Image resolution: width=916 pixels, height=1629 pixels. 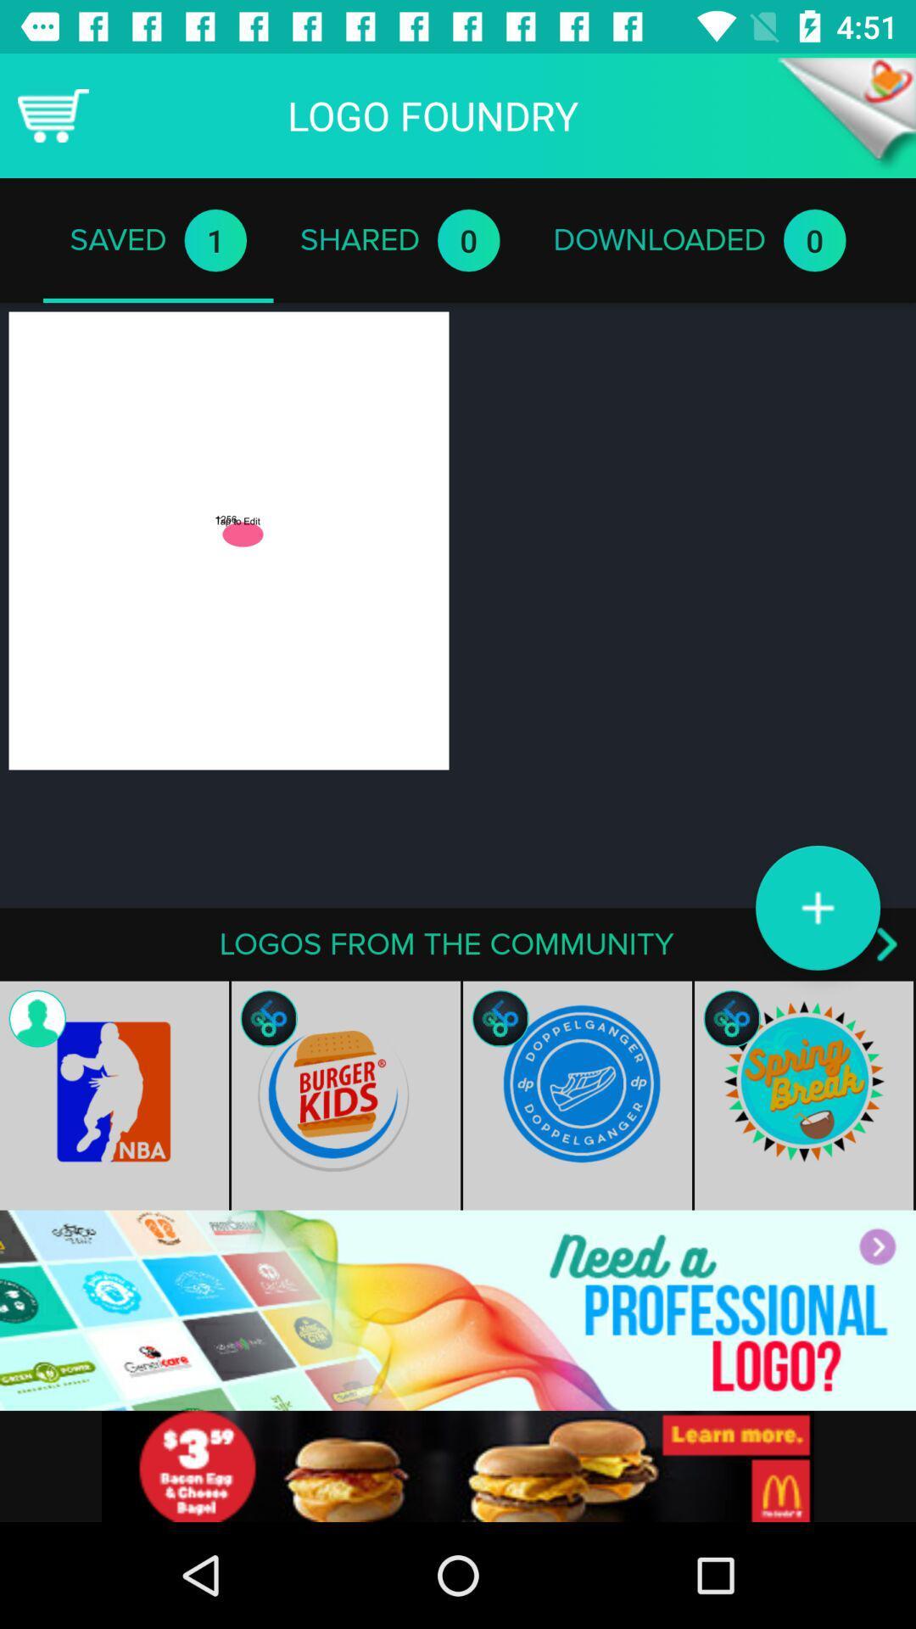 What do you see at coordinates (804, 1095) in the screenshot?
I see `slect the image below the add button` at bounding box center [804, 1095].